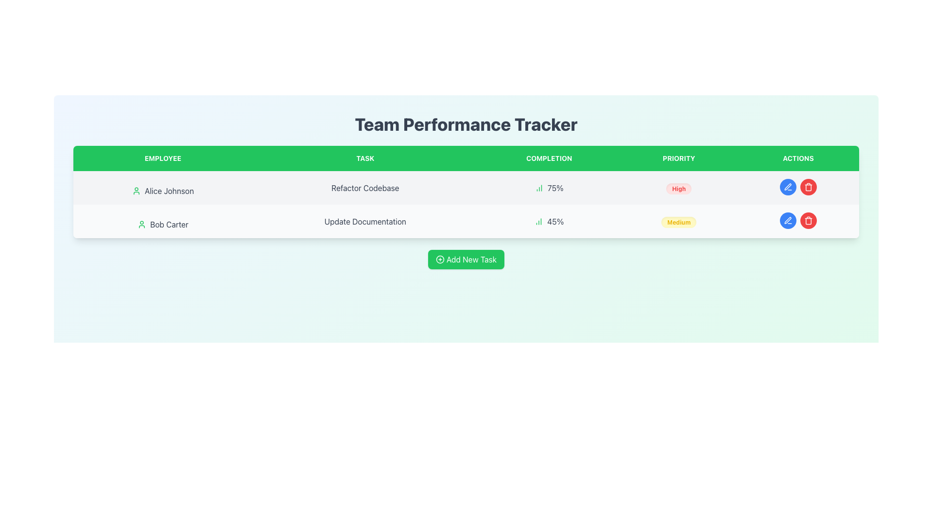 This screenshot has width=933, height=525. I want to click on the priority label in the 'PRIORITY' column of the second row of the task table, which indicates the urgency level of the task for 'Bob Carter.', so click(678, 222).